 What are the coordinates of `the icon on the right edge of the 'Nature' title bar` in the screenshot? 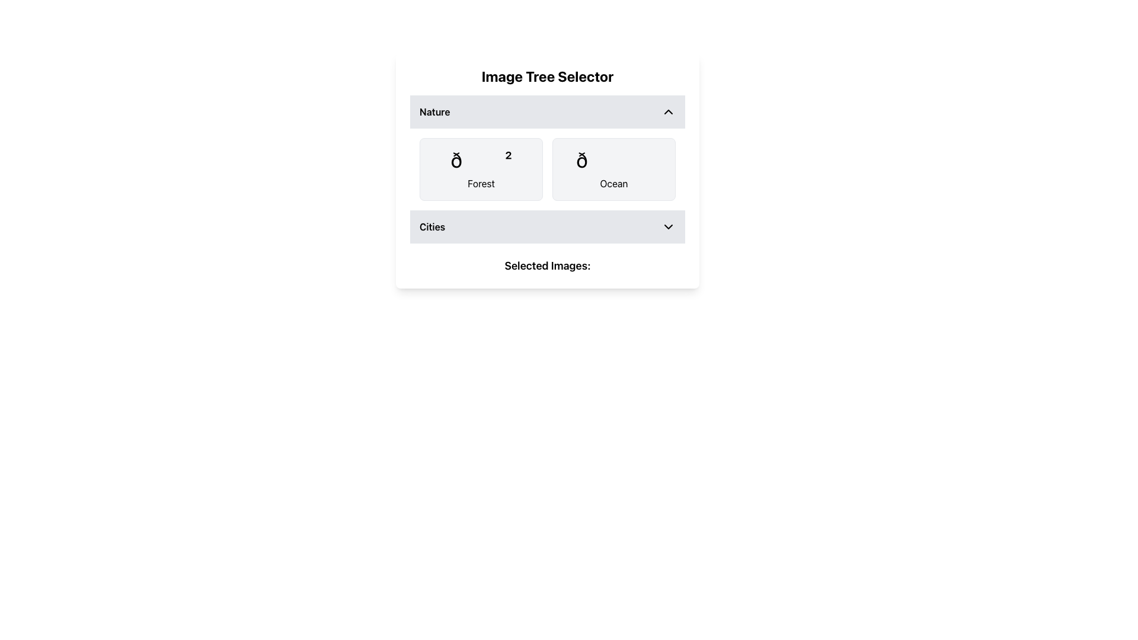 It's located at (669, 112).